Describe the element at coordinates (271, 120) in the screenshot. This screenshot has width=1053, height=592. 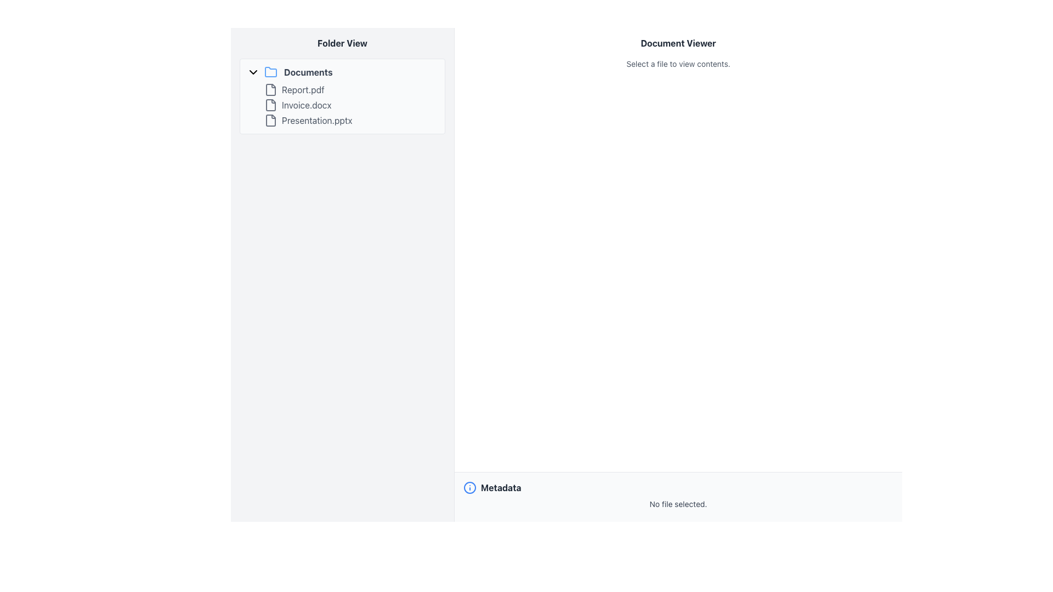
I see `the document file icon, which is a gray rectangular shape with folded edges, located next to the label 'Presentation.pptx' in the 'Folder View' panel` at that location.